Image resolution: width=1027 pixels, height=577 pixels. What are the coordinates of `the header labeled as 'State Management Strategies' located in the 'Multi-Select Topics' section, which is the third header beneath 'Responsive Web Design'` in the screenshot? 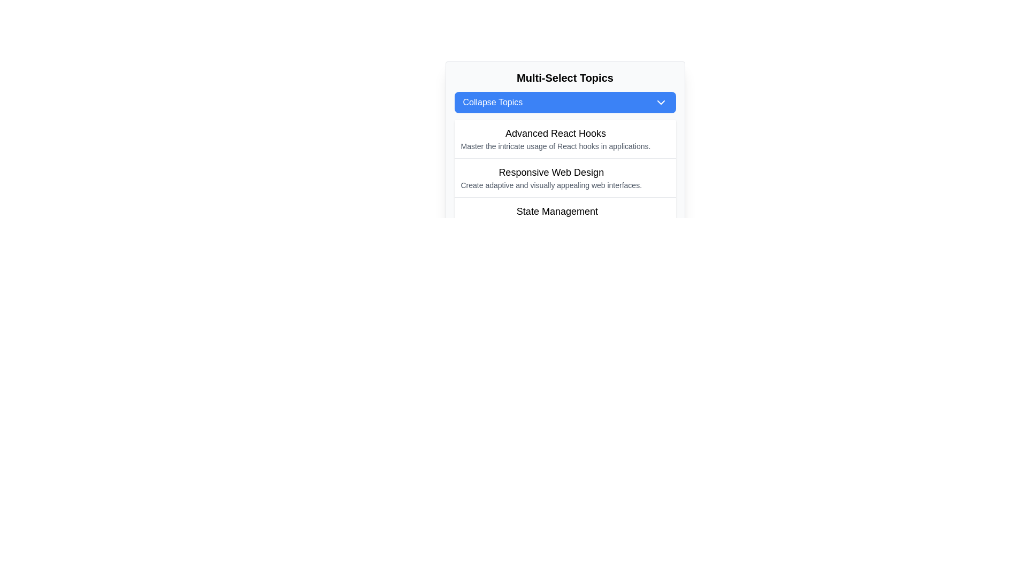 It's located at (556, 212).